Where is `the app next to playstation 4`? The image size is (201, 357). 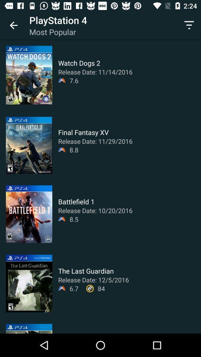
the app next to playstation 4 is located at coordinates (13, 25).